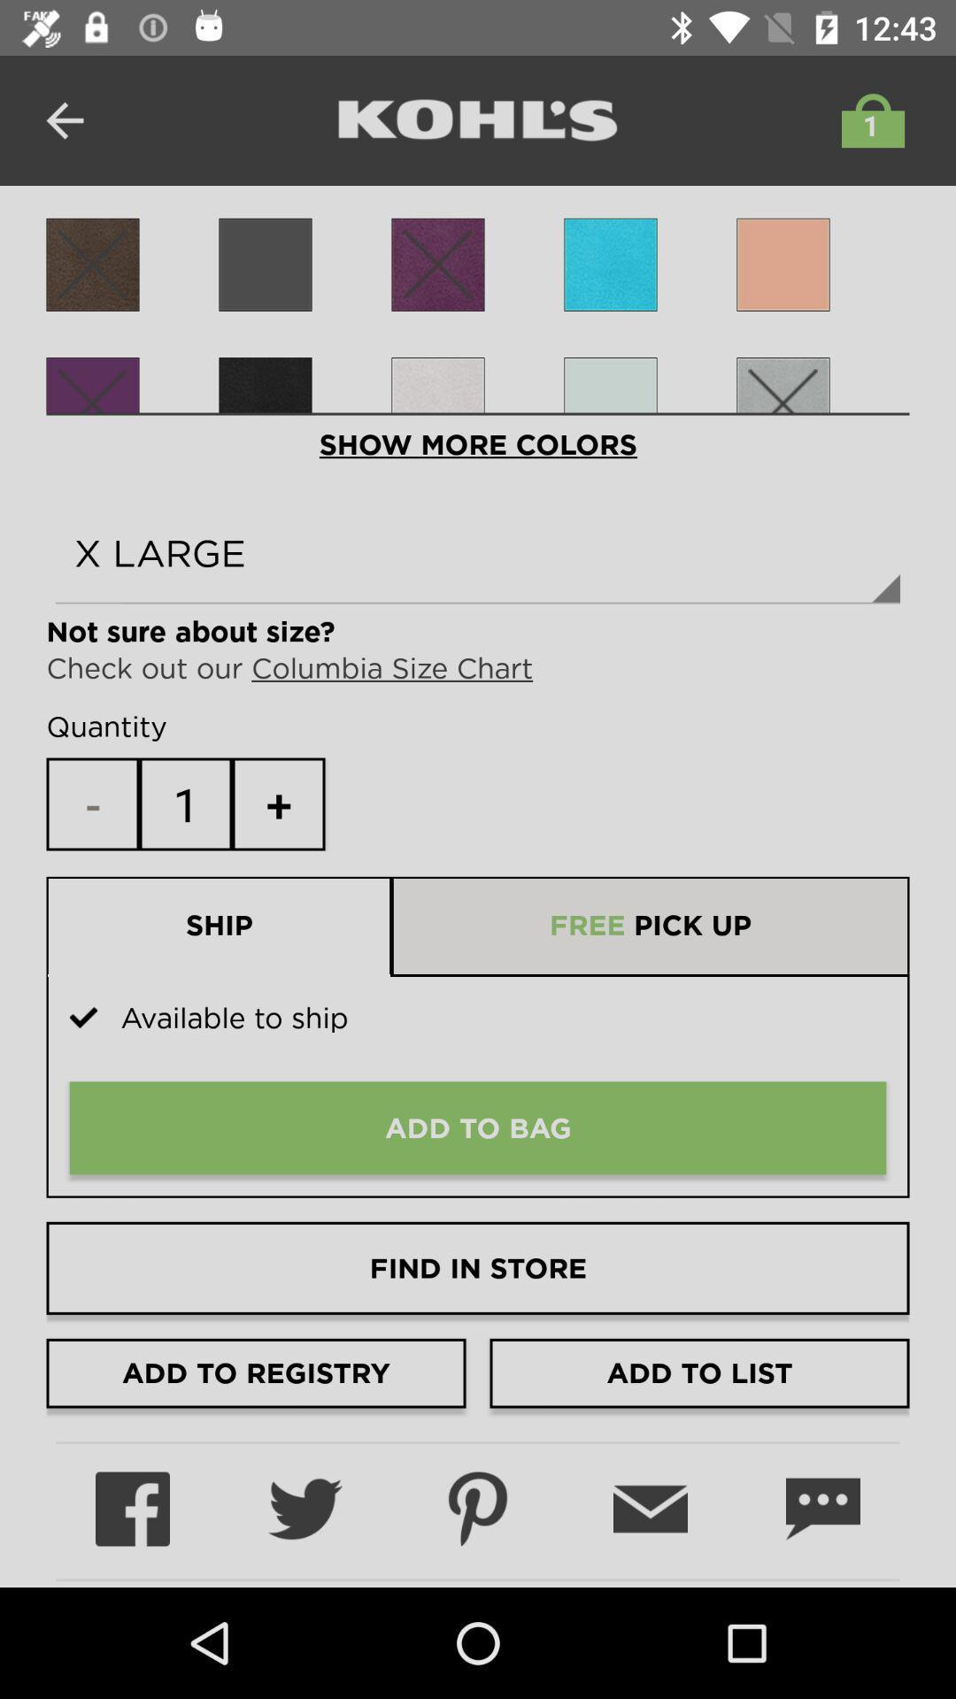 The height and width of the screenshot is (1699, 956). I want to click on the twitter icon, so click(304, 1508).